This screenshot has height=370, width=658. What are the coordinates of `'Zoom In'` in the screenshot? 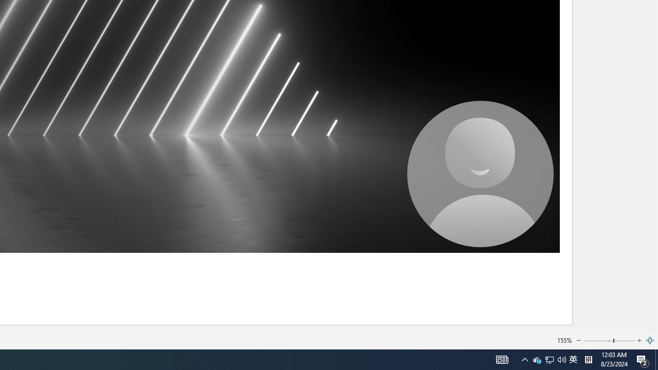 It's located at (639, 341).